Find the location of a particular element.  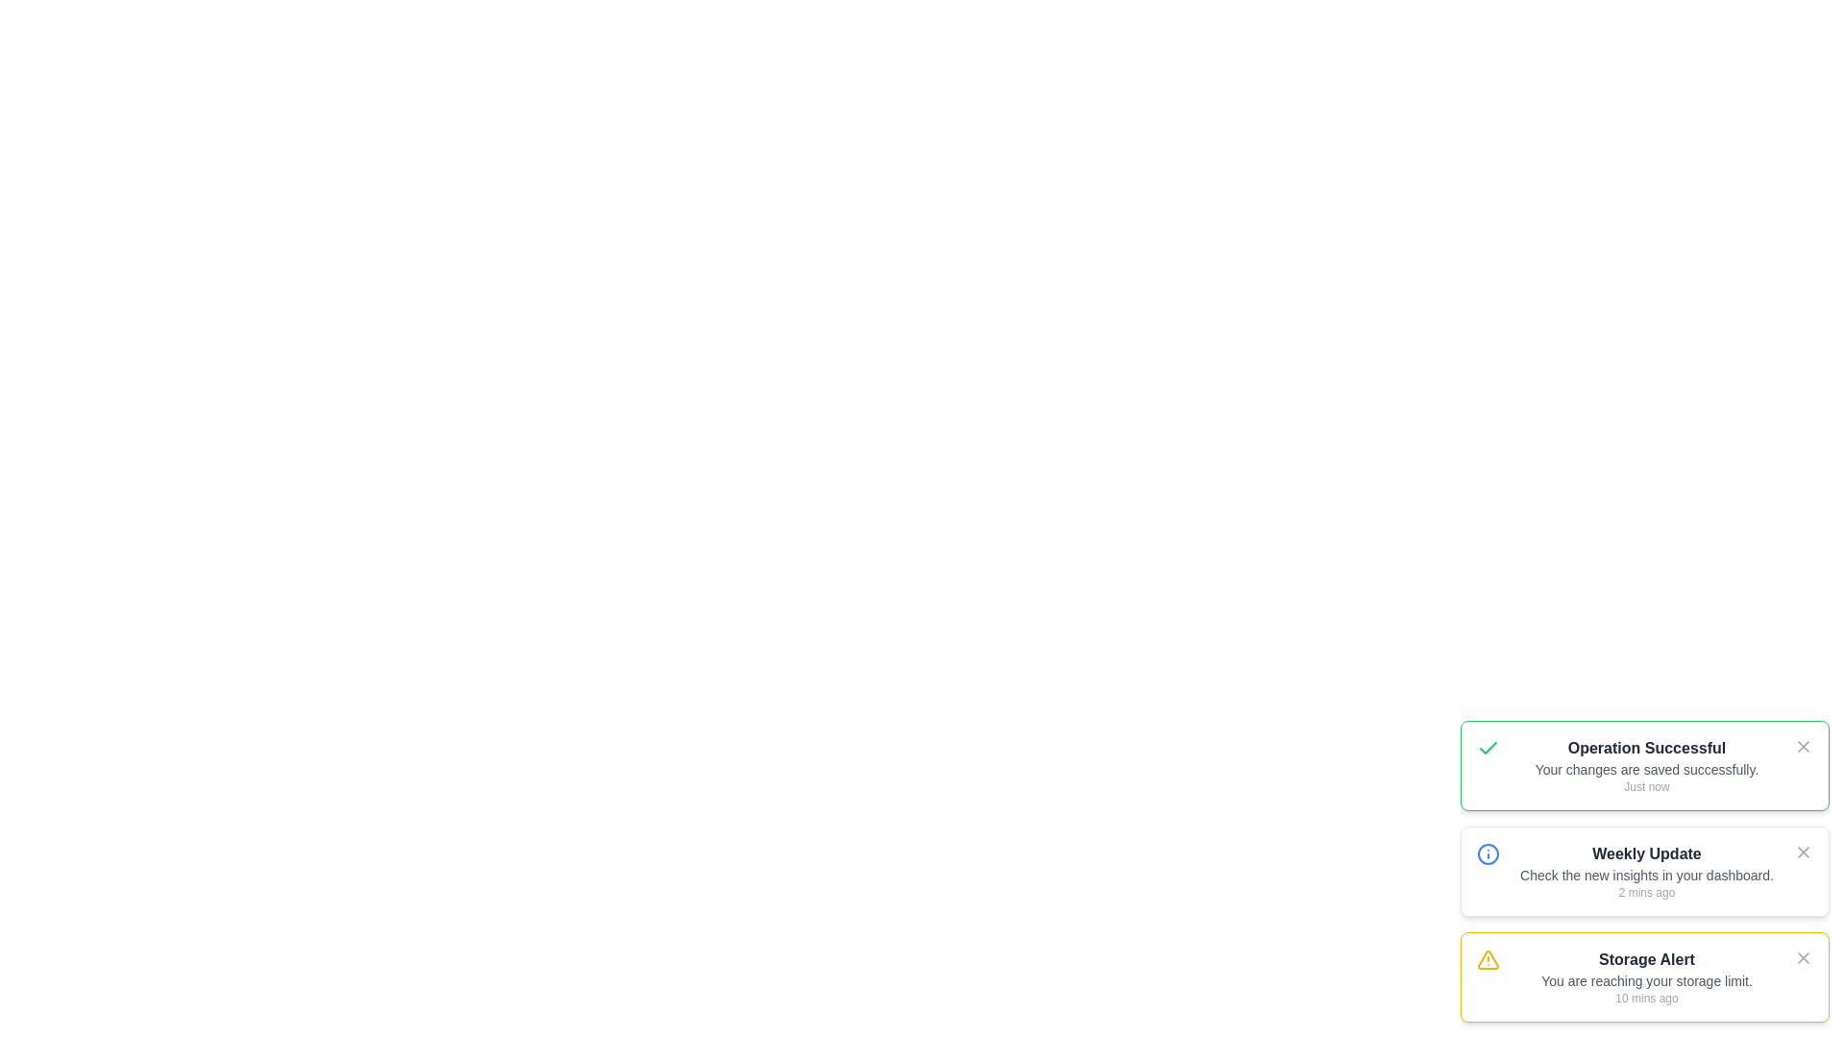

the close button is located at coordinates (1802, 745).